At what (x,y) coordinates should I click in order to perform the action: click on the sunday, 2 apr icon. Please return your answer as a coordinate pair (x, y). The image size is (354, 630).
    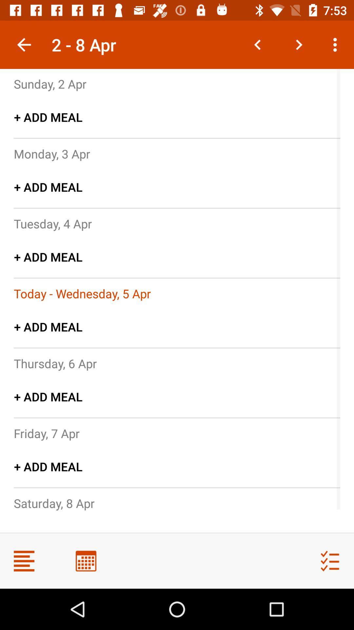
    Looking at the image, I should click on (50, 83).